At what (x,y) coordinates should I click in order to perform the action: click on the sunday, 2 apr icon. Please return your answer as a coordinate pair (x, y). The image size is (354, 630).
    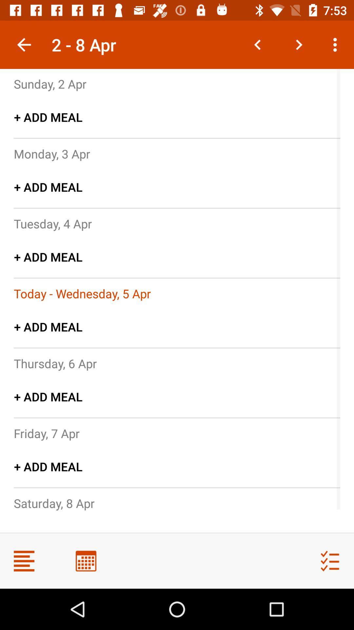
    Looking at the image, I should click on (50, 83).